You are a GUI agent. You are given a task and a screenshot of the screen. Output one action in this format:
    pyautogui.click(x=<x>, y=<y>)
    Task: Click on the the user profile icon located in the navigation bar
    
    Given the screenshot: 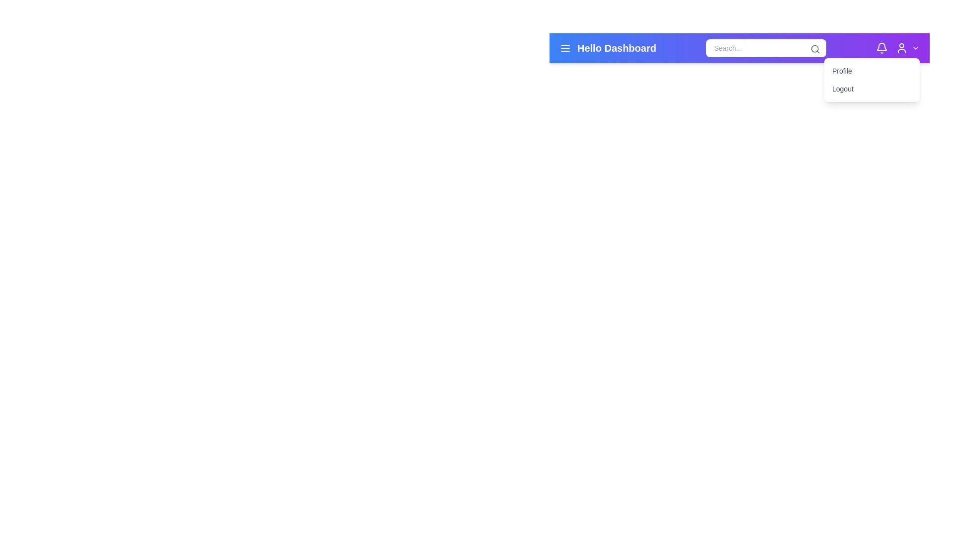 What is the action you would take?
    pyautogui.click(x=897, y=48)
    